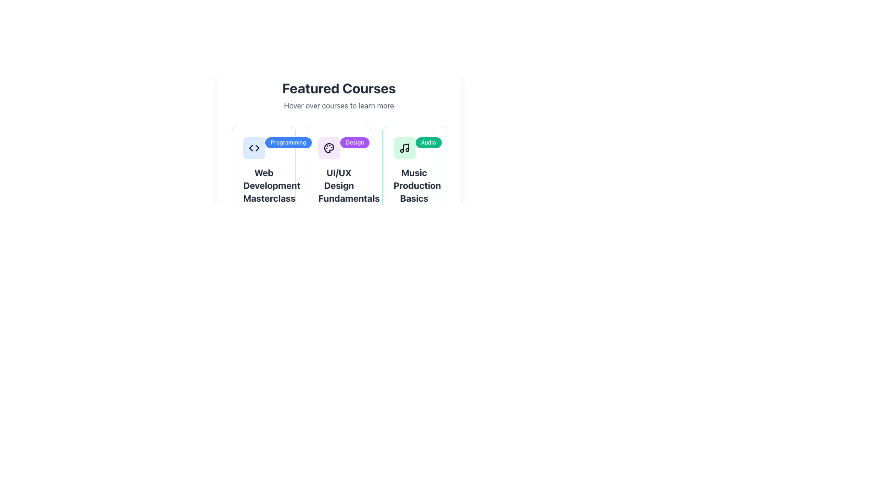  What do you see at coordinates (338, 105) in the screenshot?
I see `the static text 'Hover over courses to learn more' which is displayed in a subdued gray color directly below the 'Featured Courses' heading` at bounding box center [338, 105].